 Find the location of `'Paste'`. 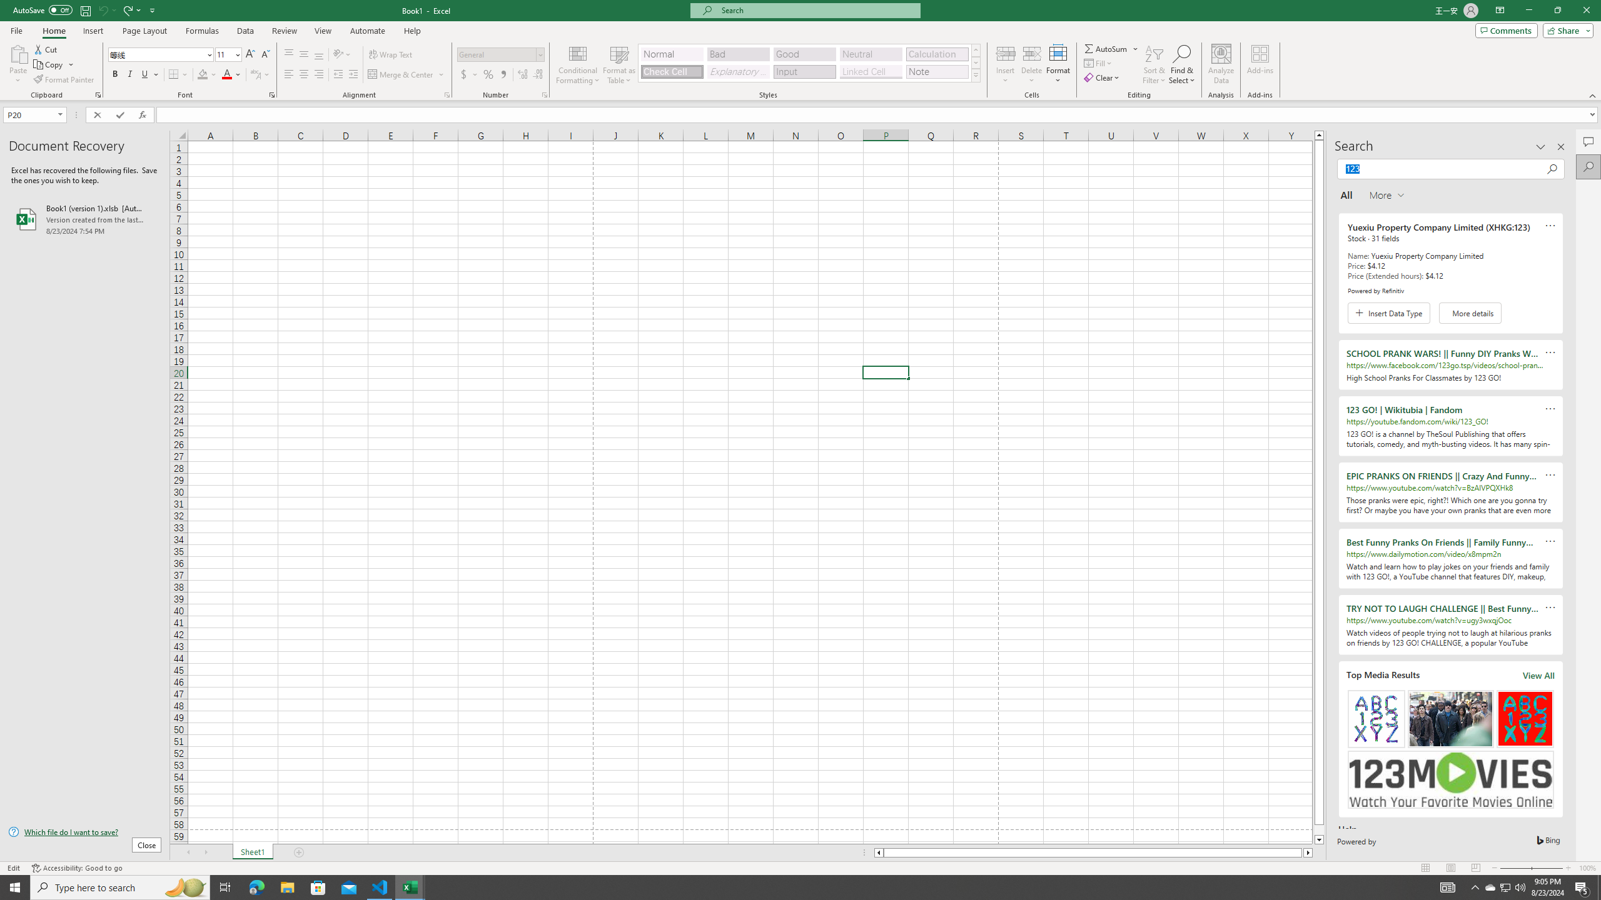

'Paste' is located at coordinates (18, 52).